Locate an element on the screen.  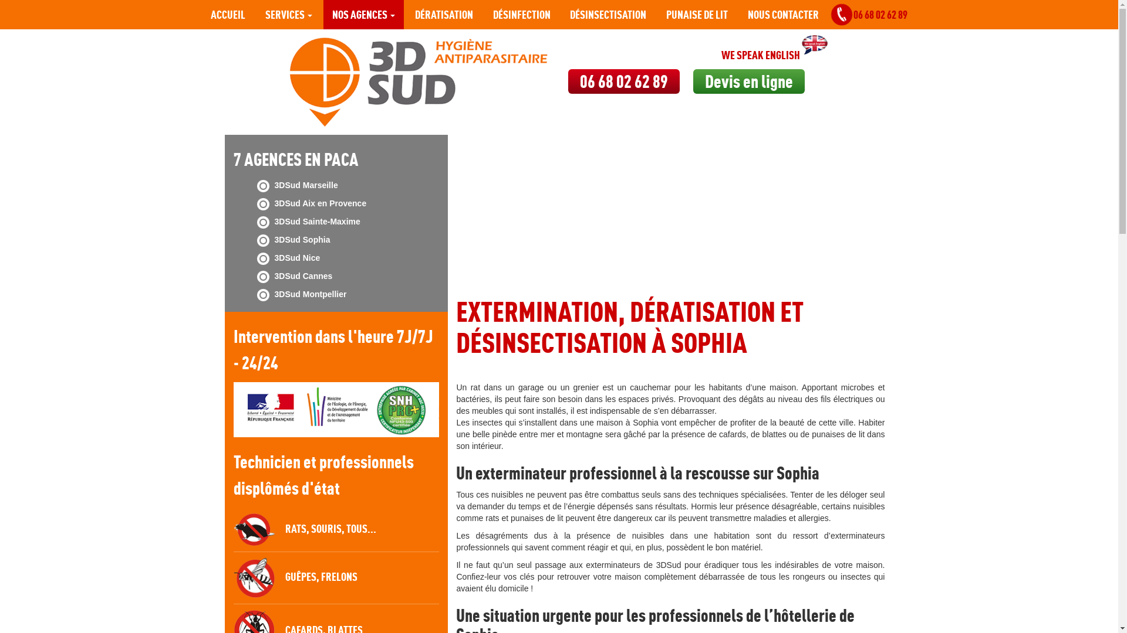
'3DSud Marseille' is located at coordinates (306, 185).